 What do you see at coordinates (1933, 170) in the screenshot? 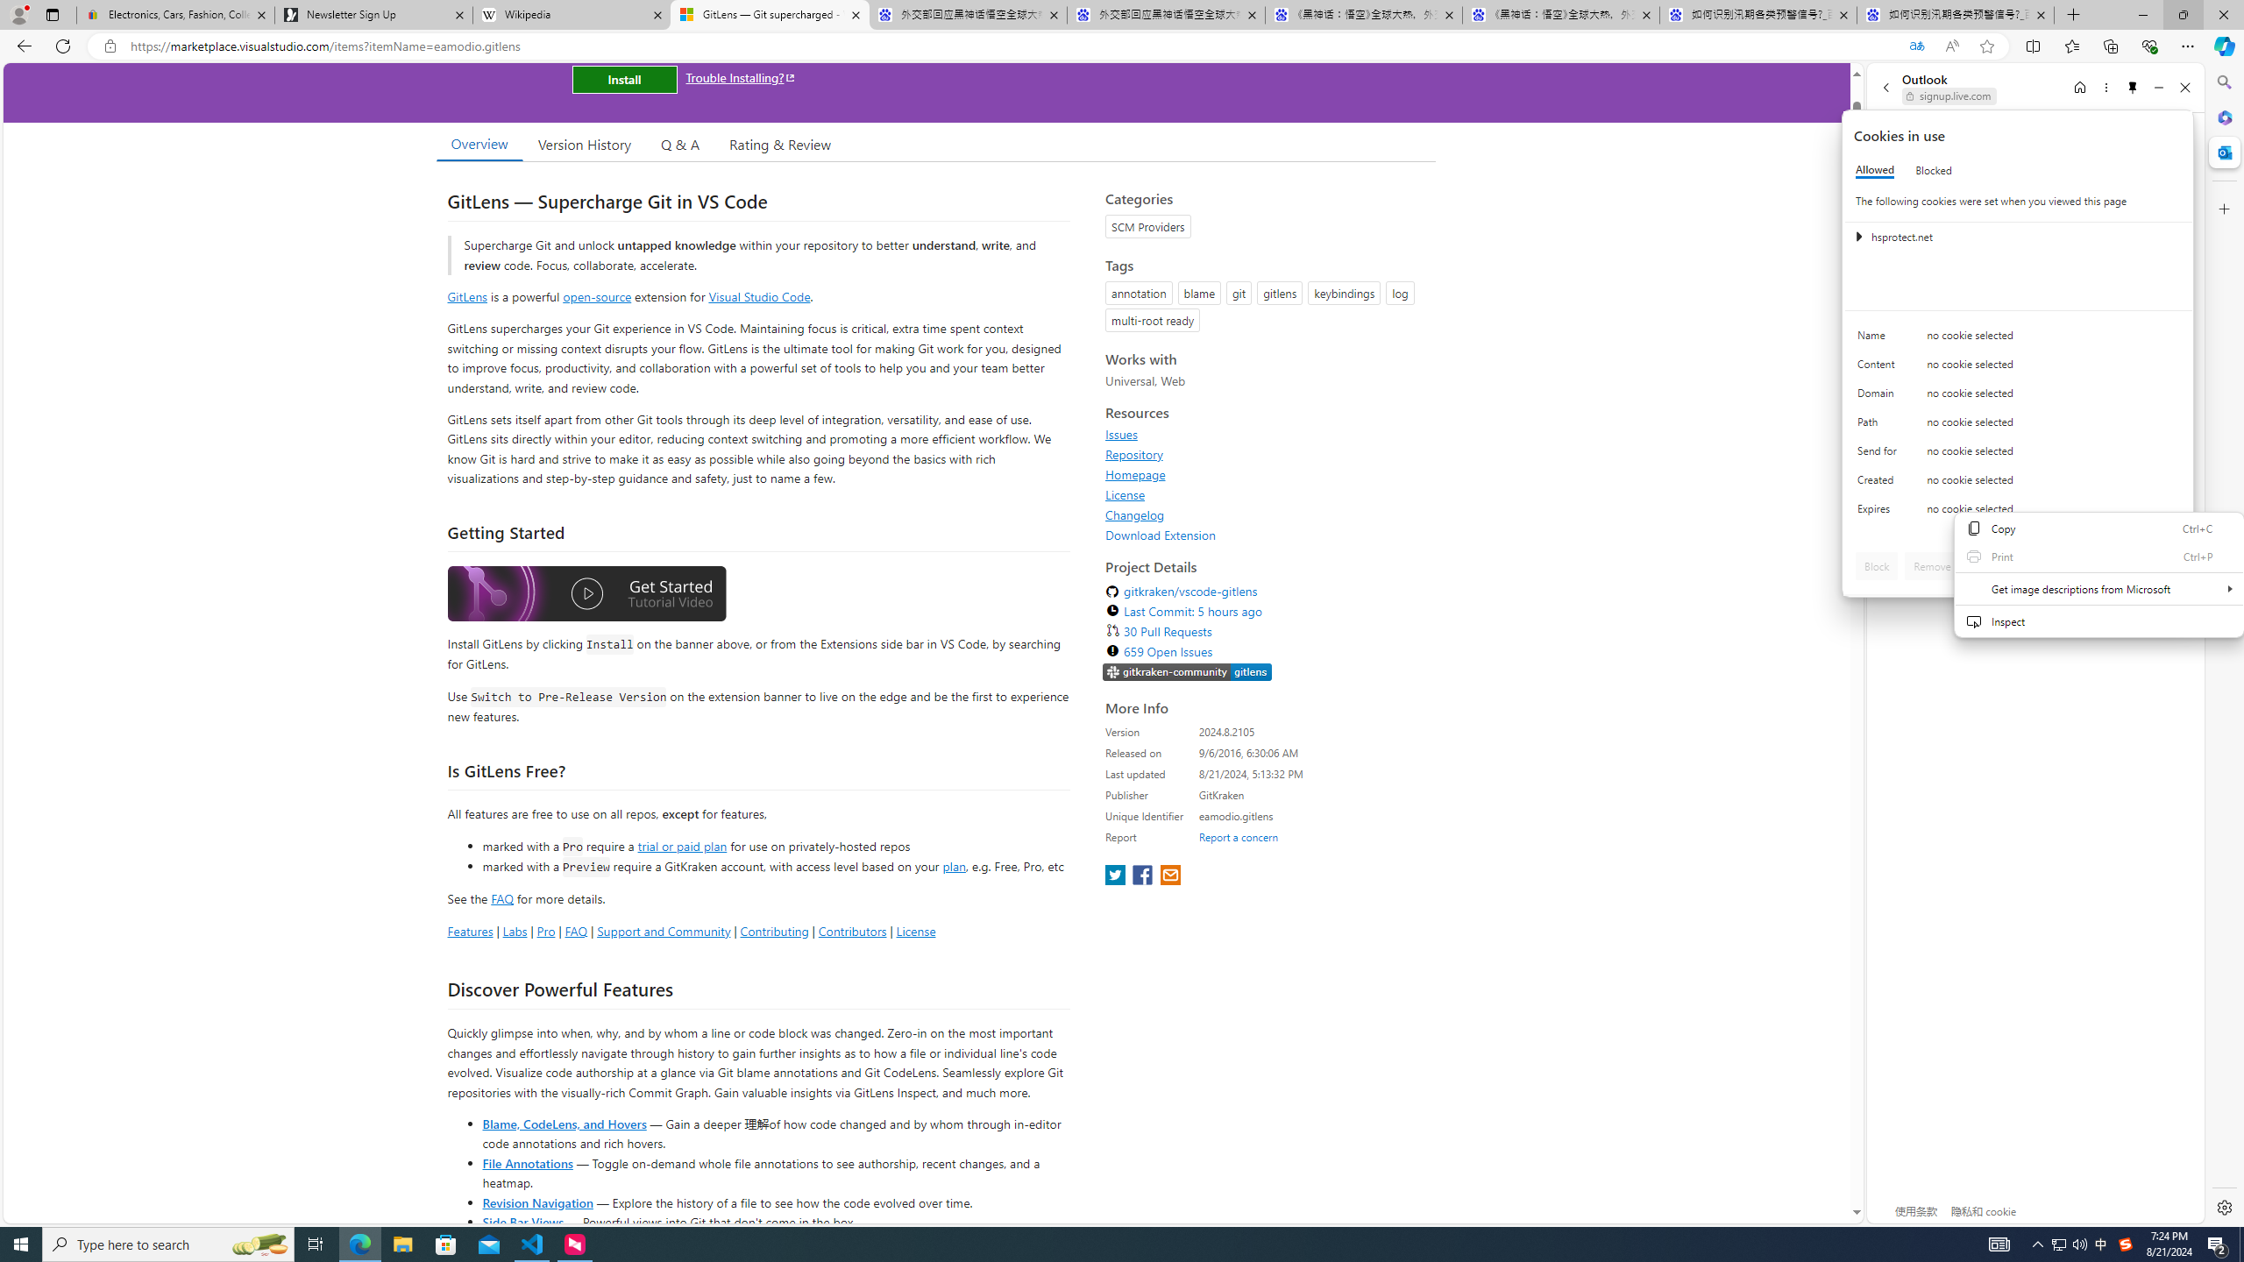
I see `'Blocked'` at bounding box center [1933, 170].